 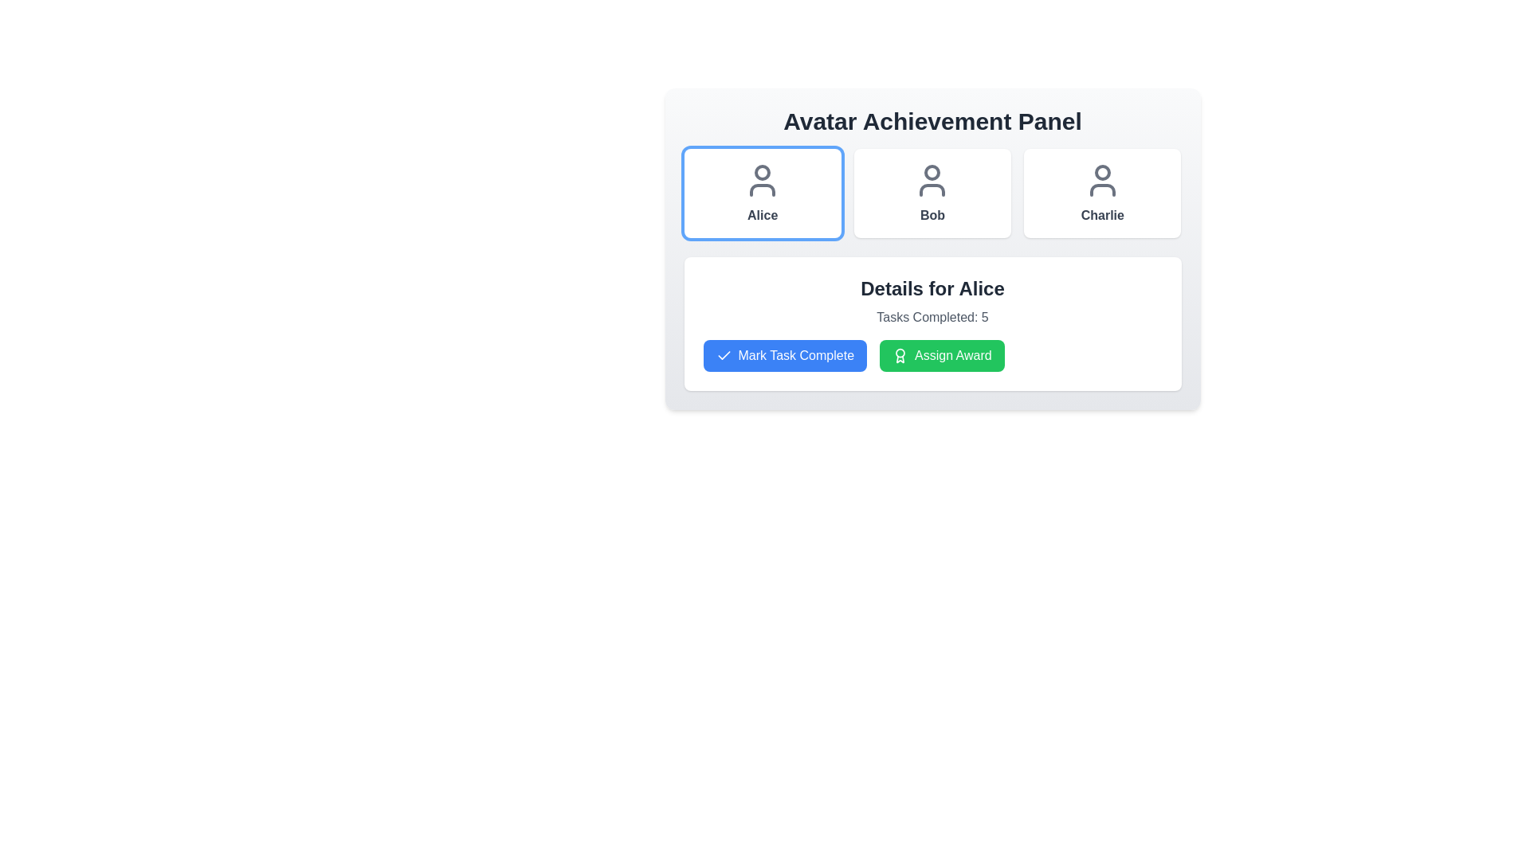 What do you see at coordinates (932, 317) in the screenshot?
I see `the text label displaying 'Tasks Completed: 5' which is located within the panel titled 'Details for Alice.'` at bounding box center [932, 317].